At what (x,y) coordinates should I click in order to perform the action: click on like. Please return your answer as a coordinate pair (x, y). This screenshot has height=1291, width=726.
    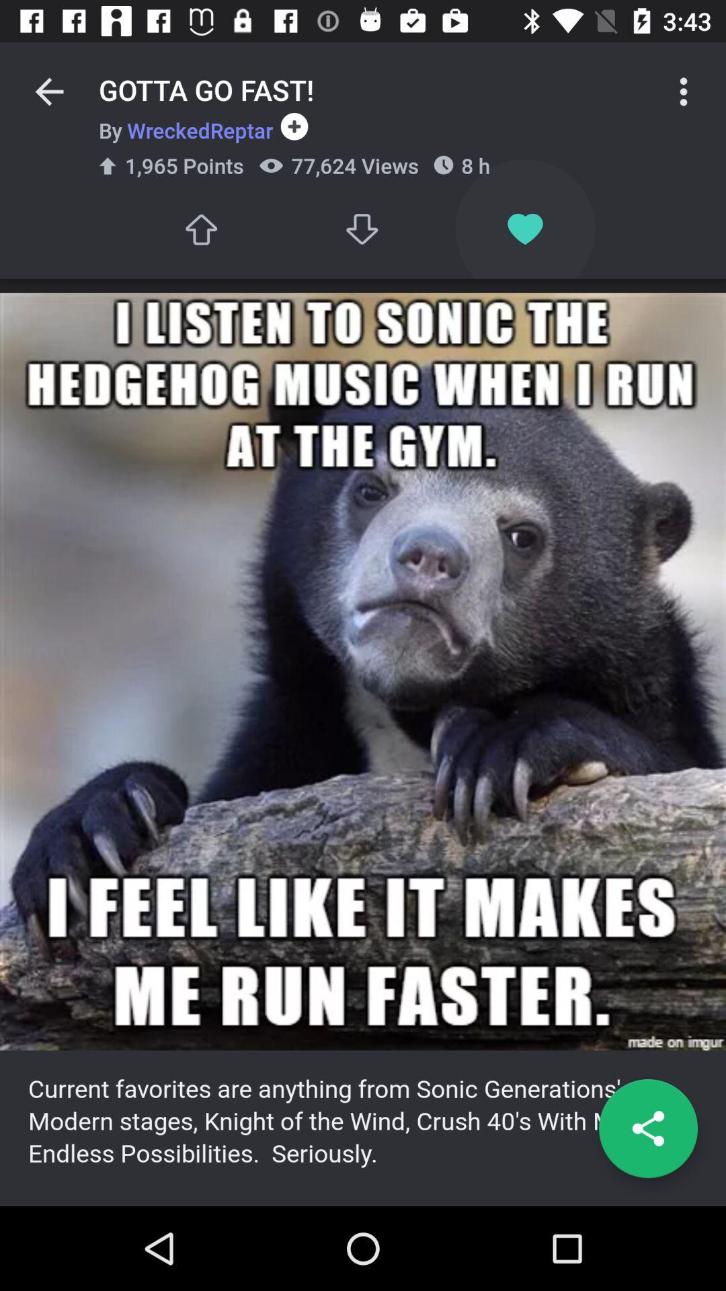
    Looking at the image, I should click on (200, 229).